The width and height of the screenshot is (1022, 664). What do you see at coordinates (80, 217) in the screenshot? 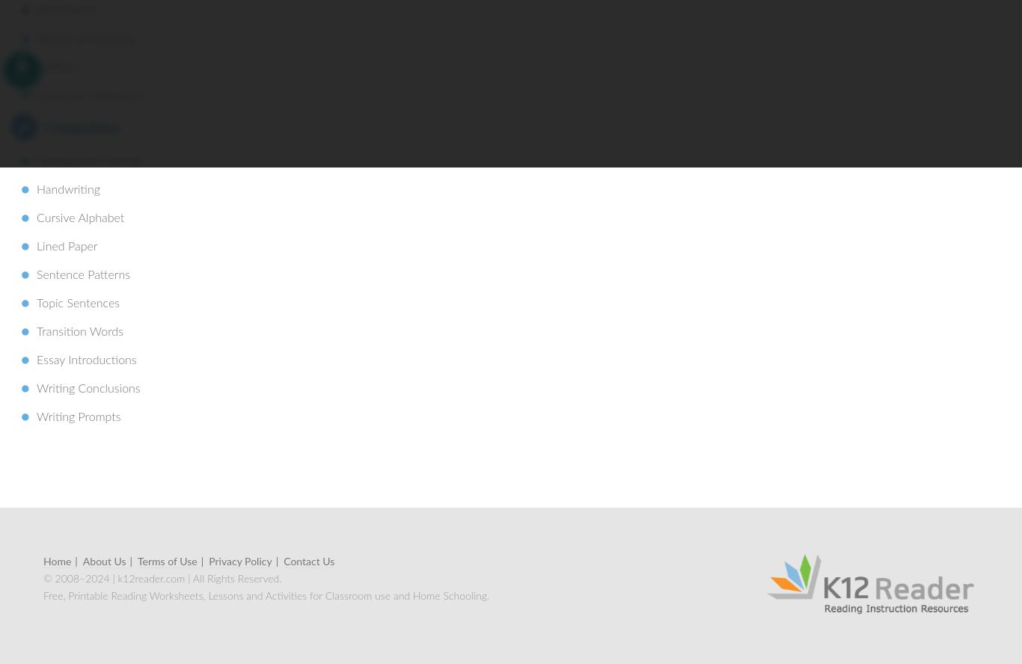
I see `'Cursive Alphabet'` at bounding box center [80, 217].